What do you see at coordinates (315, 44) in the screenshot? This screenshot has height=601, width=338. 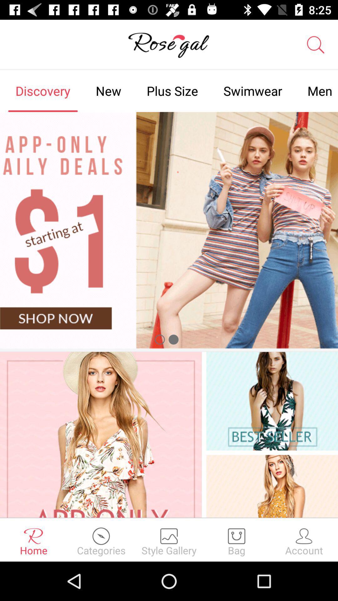 I see `the search icon` at bounding box center [315, 44].